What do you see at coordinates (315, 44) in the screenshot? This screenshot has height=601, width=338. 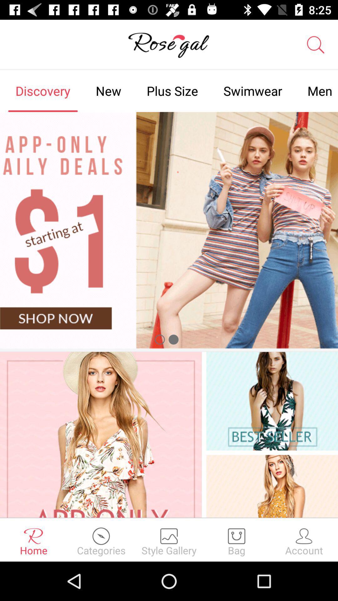 I see `the search icon` at bounding box center [315, 44].